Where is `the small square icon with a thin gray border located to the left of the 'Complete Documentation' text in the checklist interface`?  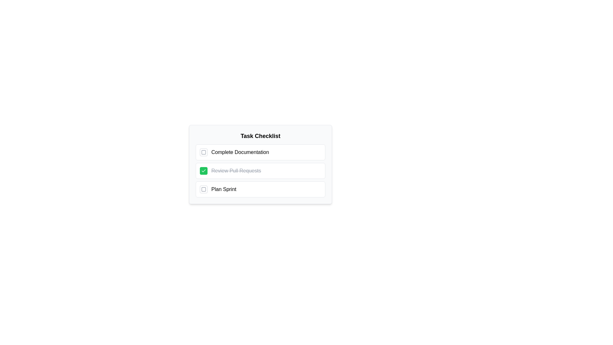
the small square icon with a thin gray border located to the left of the 'Complete Documentation' text in the checklist interface is located at coordinates (203, 152).